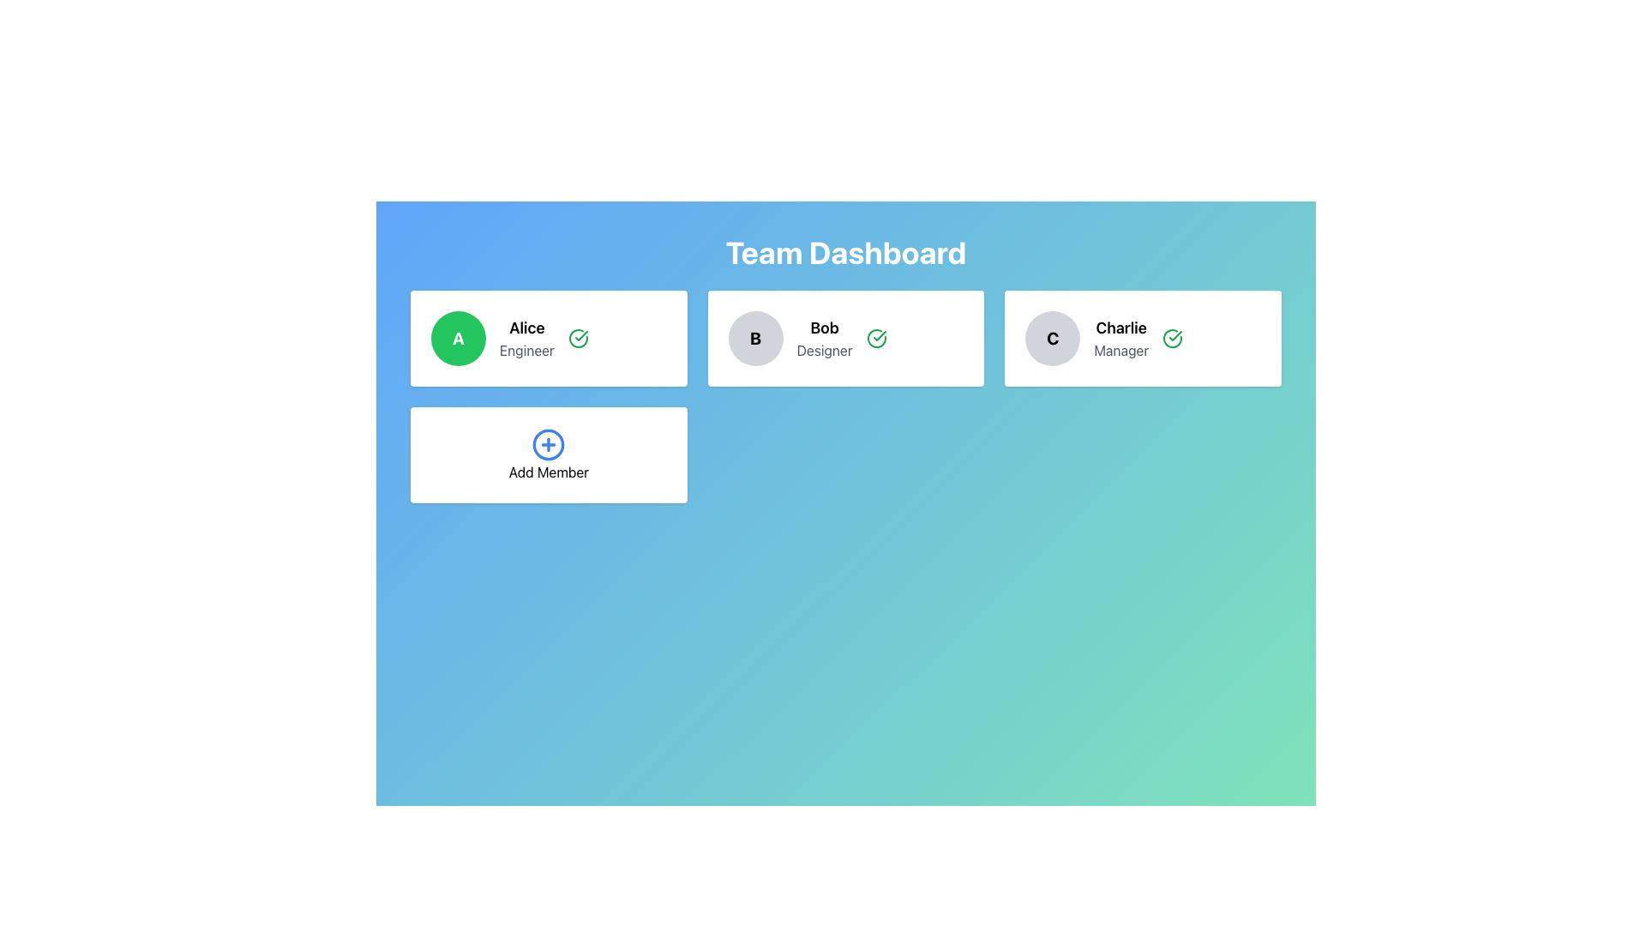  What do you see at coordinates (549, 454) in the screenshot?
I see `the 'Add Member' button, which is a white card with rounded corners and a blue circled plus icon at the top center` at bounding box center [549, 454].